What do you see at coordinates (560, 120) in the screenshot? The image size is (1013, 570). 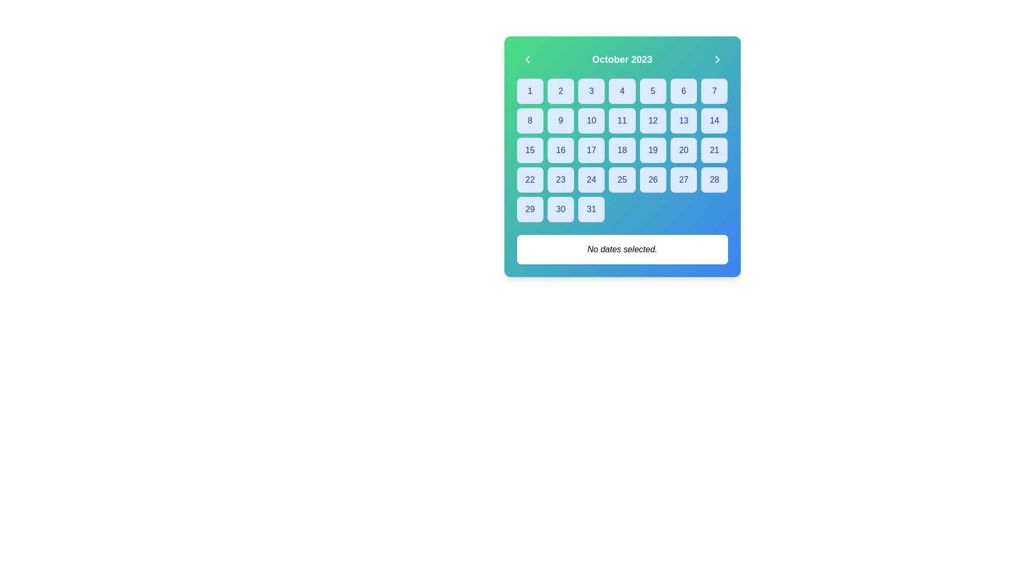 I see `the button representing the date '9' in the calendar interface` at bounding box center [560, 120].